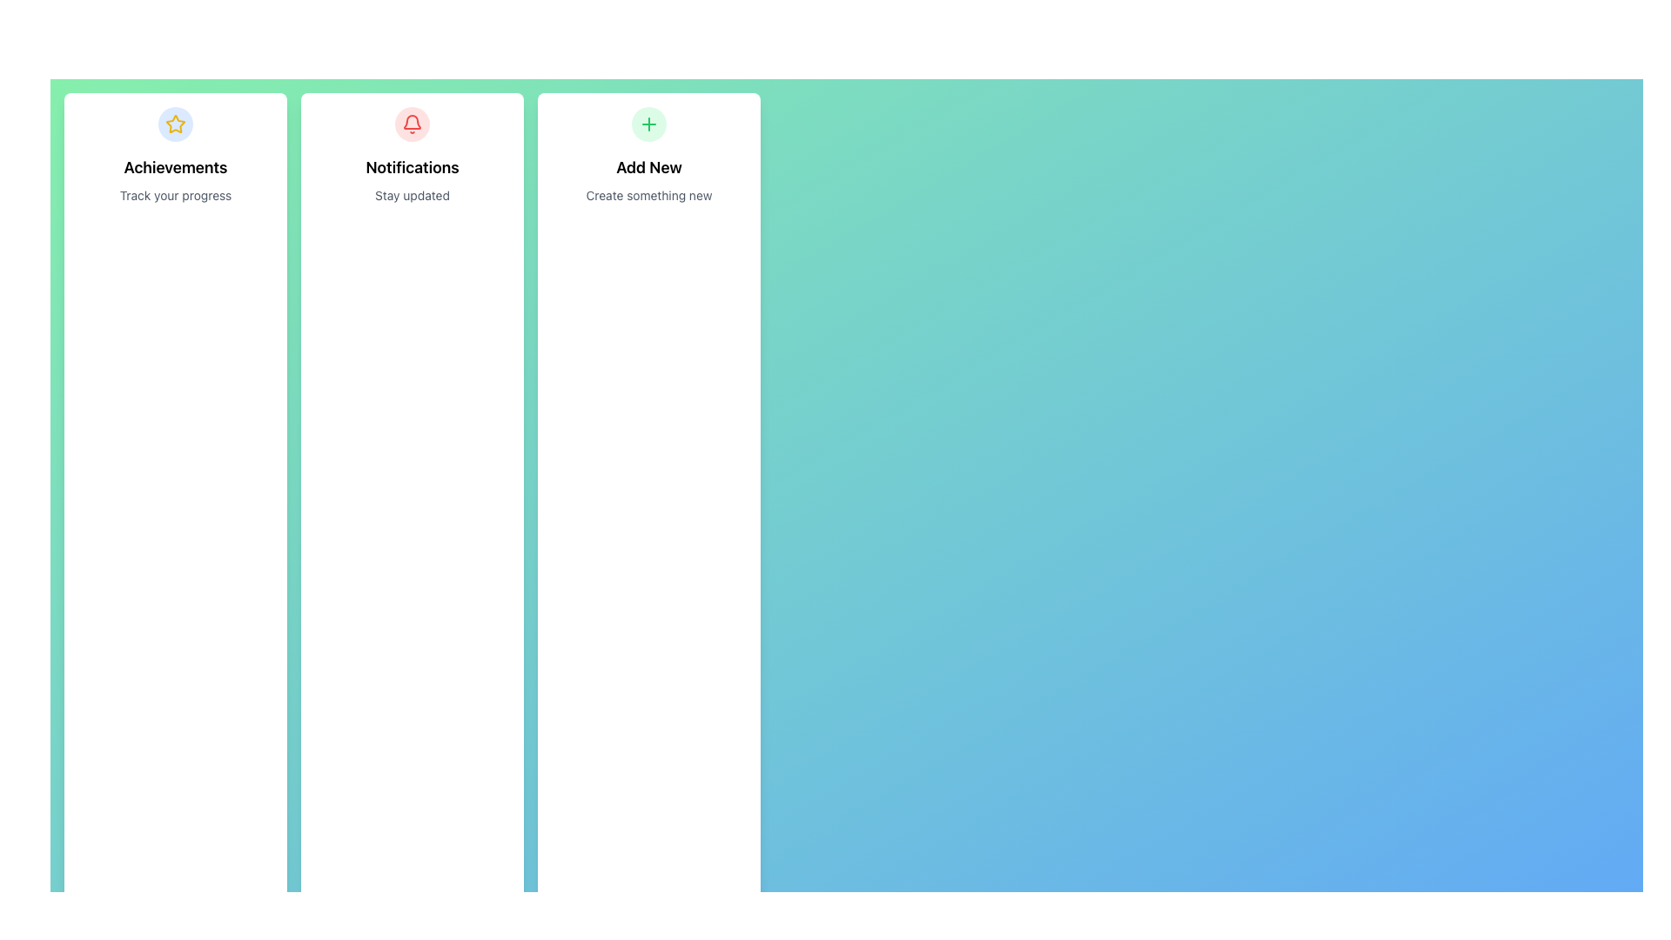 The height and width of the screenshot is (940, 1671). Describe the element at coordinates (412, 195) in the screenshot. I see `the text label displaying 'Stay updated' located under the 'Notifications' title in the Notifications card` at that location.